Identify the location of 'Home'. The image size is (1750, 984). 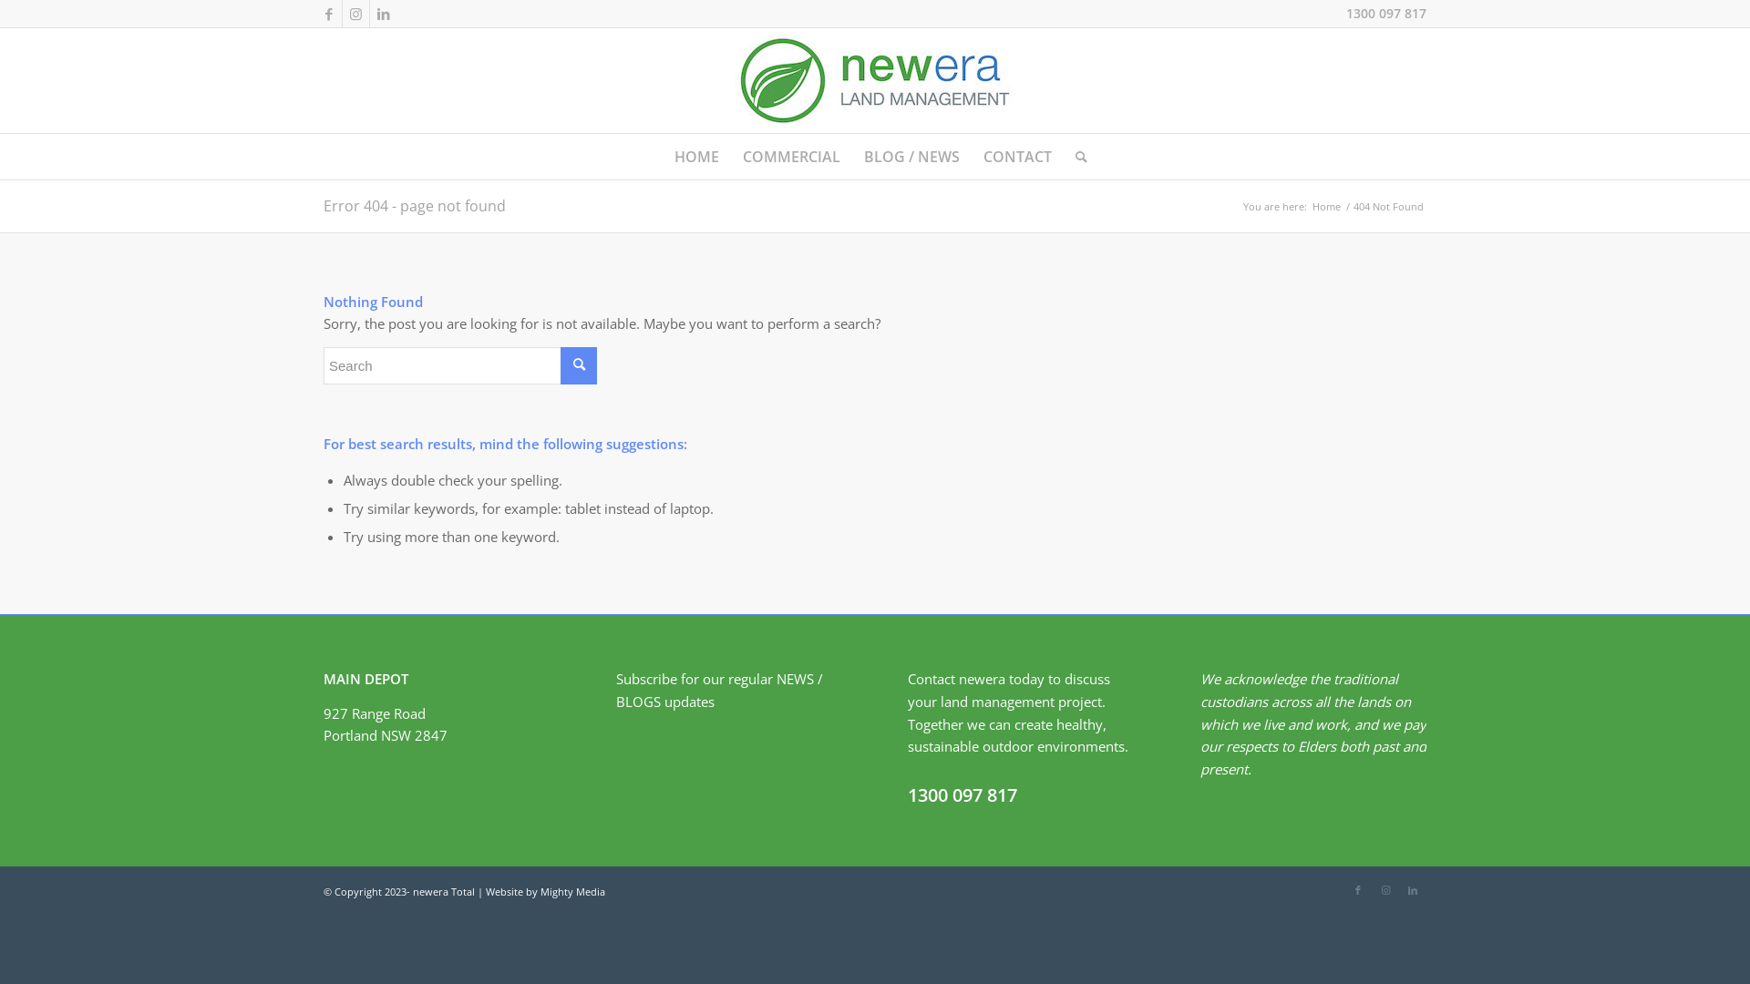
(1308, 205).